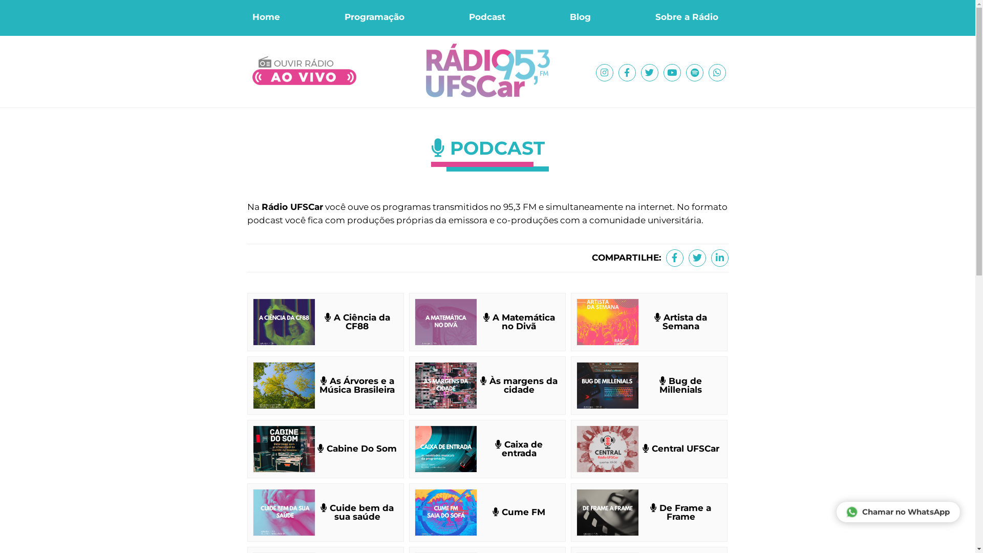 Image resolution: width=983 pixels, height=553 pixels. Describe the element at coordinates (648, 321) in the screenshot. I see `'Artista da Semana'` at that location.